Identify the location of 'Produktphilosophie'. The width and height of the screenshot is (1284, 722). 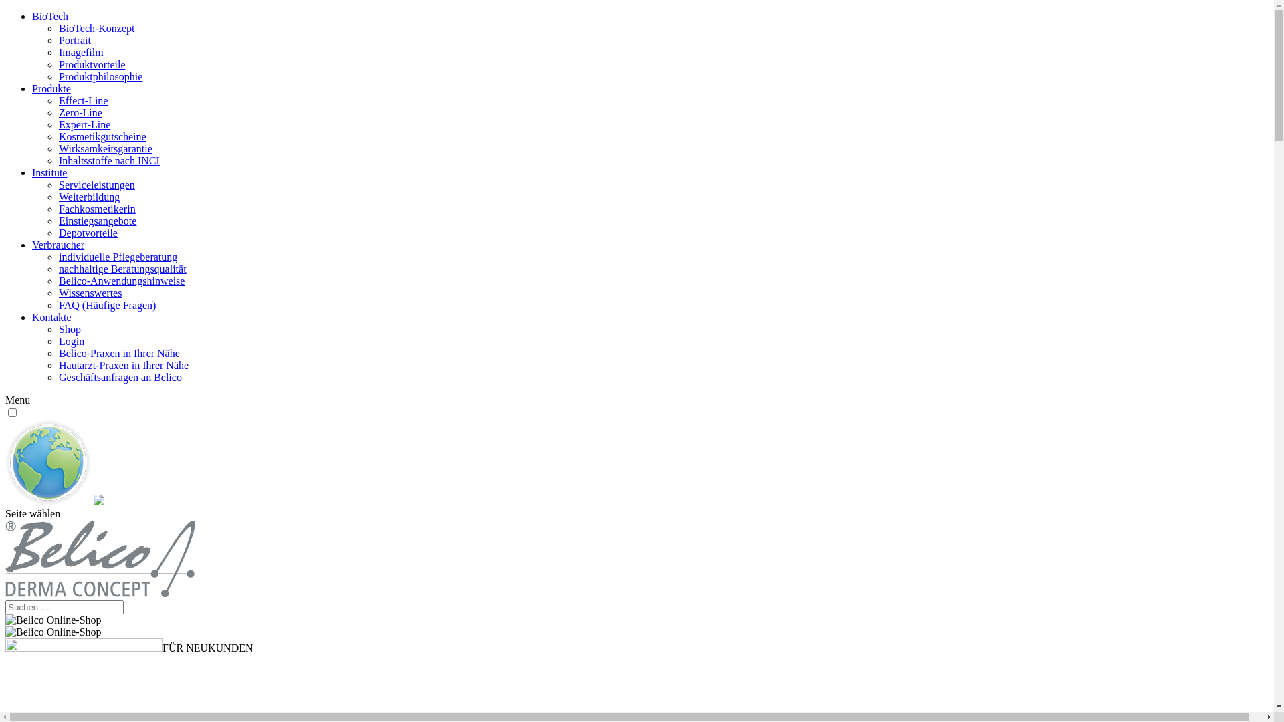
(100, 76).